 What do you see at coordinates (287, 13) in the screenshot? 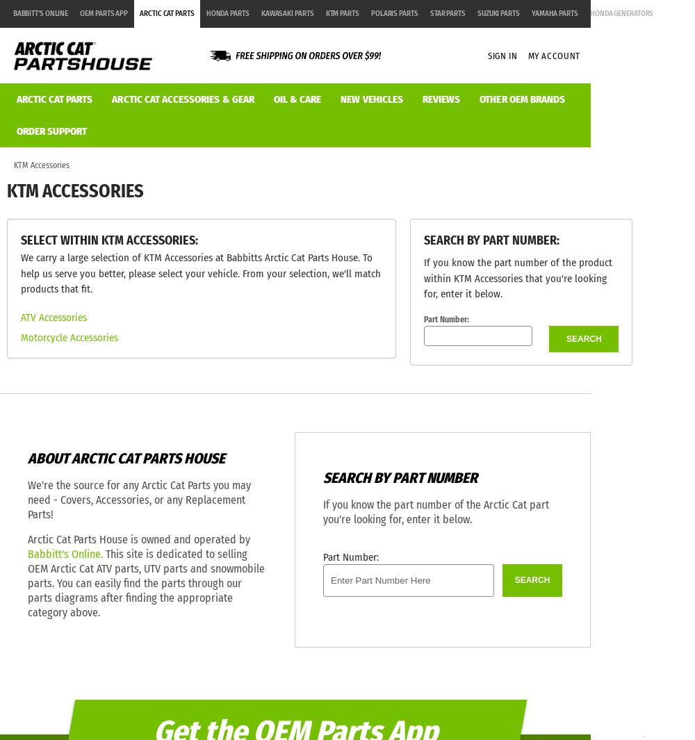
I see `'Kawasaki Parts'` at bounding box center [287, 13].